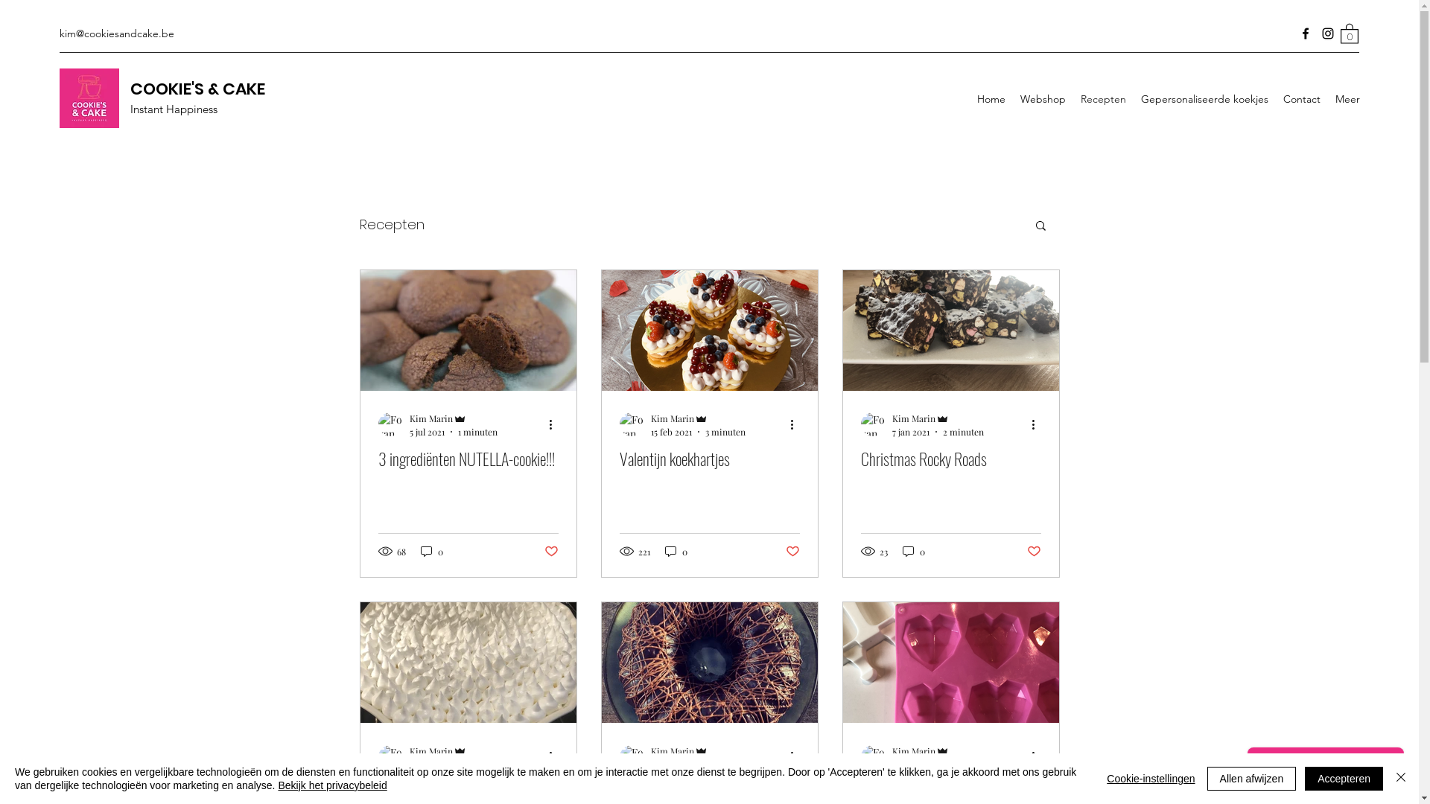 The image size is (1430, 804). What do you see at coordinates (1132, 98) in the screenshot?
I see `'Gepersonaliseerde koekjes'` at bounding box center [1132, 98].